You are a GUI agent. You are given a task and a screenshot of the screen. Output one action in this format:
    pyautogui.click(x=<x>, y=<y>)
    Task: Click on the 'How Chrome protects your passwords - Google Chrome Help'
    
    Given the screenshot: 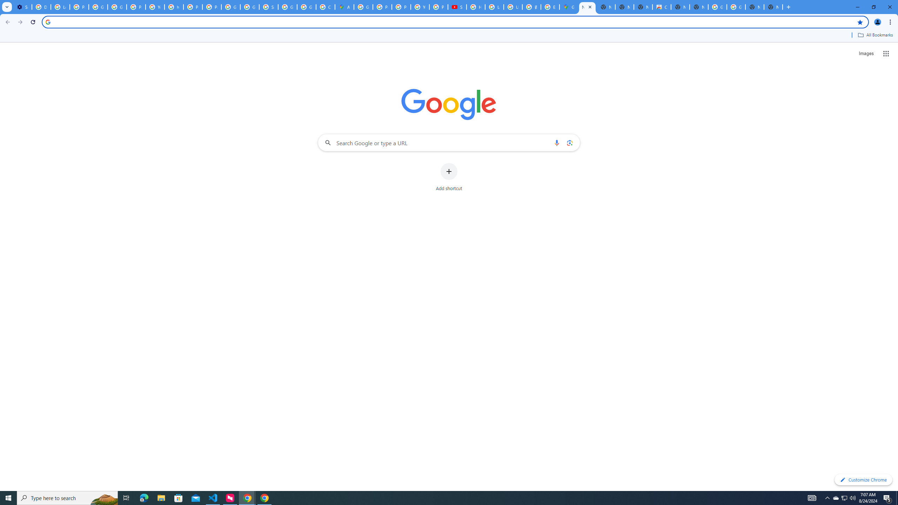 What is the action you would take?
    pyautogui.click(x=476, y=7)
    